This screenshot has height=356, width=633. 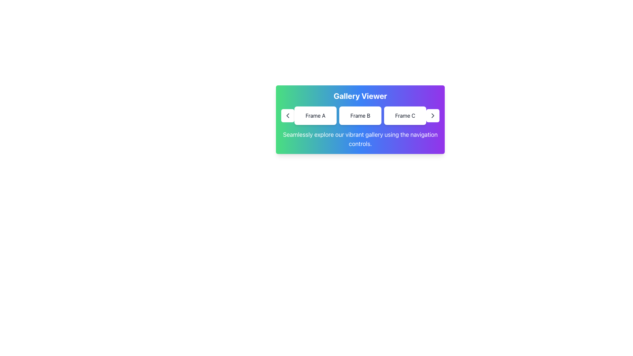 I want to click on the button labeled 'Frame B', which is a rectangular component with rounded corners, white background, and dark gray bold text, so click(x=360, y=115).